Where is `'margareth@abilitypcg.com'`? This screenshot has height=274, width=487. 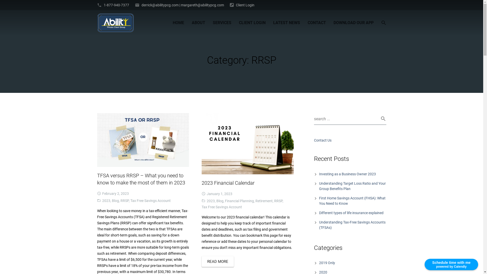
'margareth@abilitypcg.com' is located at coordinates (180, 5).